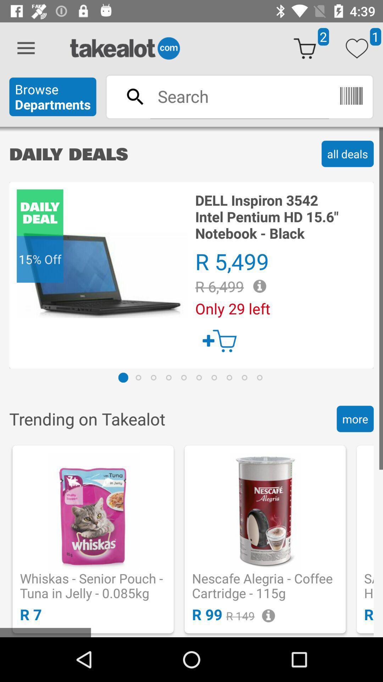 This screenshot has height=682, width=383. Describe the element at coordinates (239, 96) in the screenshot. I see `search bar` at that location.